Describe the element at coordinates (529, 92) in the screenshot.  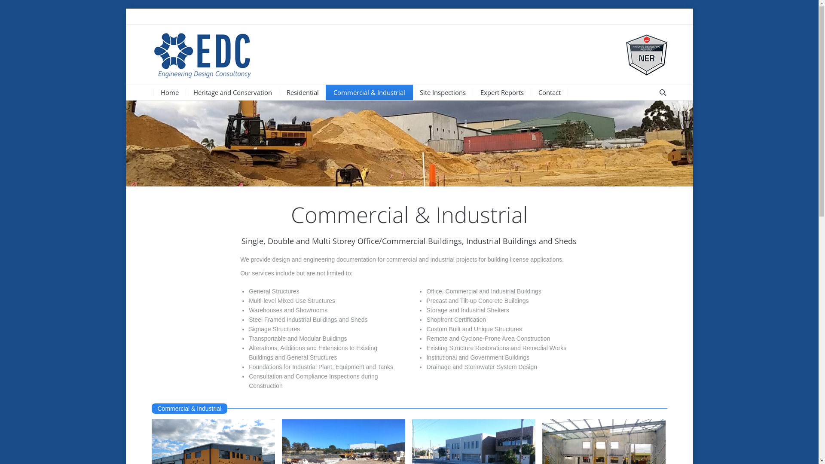
I see `'Contact'` at that location.